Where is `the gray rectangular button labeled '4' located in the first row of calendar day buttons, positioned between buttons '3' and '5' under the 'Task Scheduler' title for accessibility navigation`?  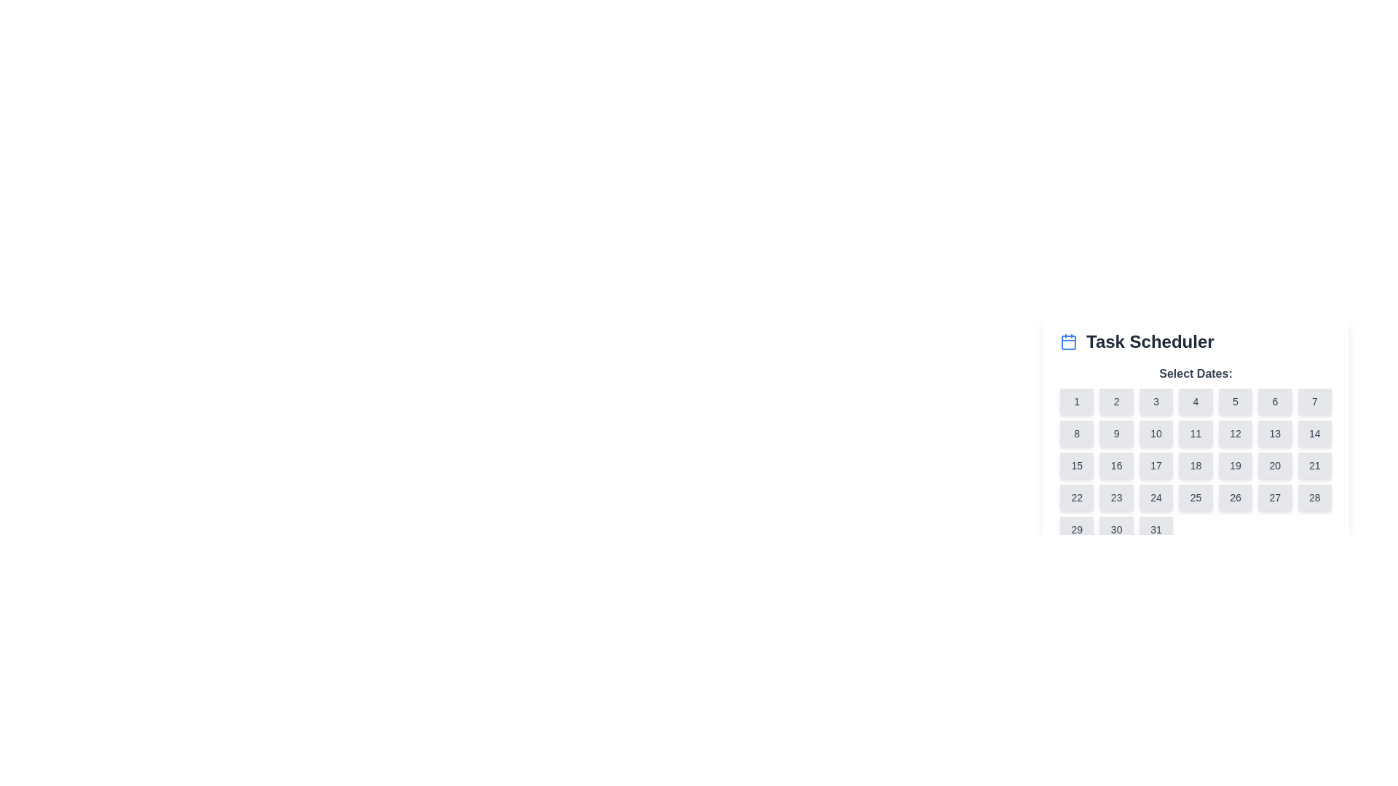
the gray rectangular button labeled '4' located in the first row of calendar day buttons, positioned between buttons '3' and '5' under the 'Task Scheduler' title for accessibility navigation is located at coordinates (1196, 401).